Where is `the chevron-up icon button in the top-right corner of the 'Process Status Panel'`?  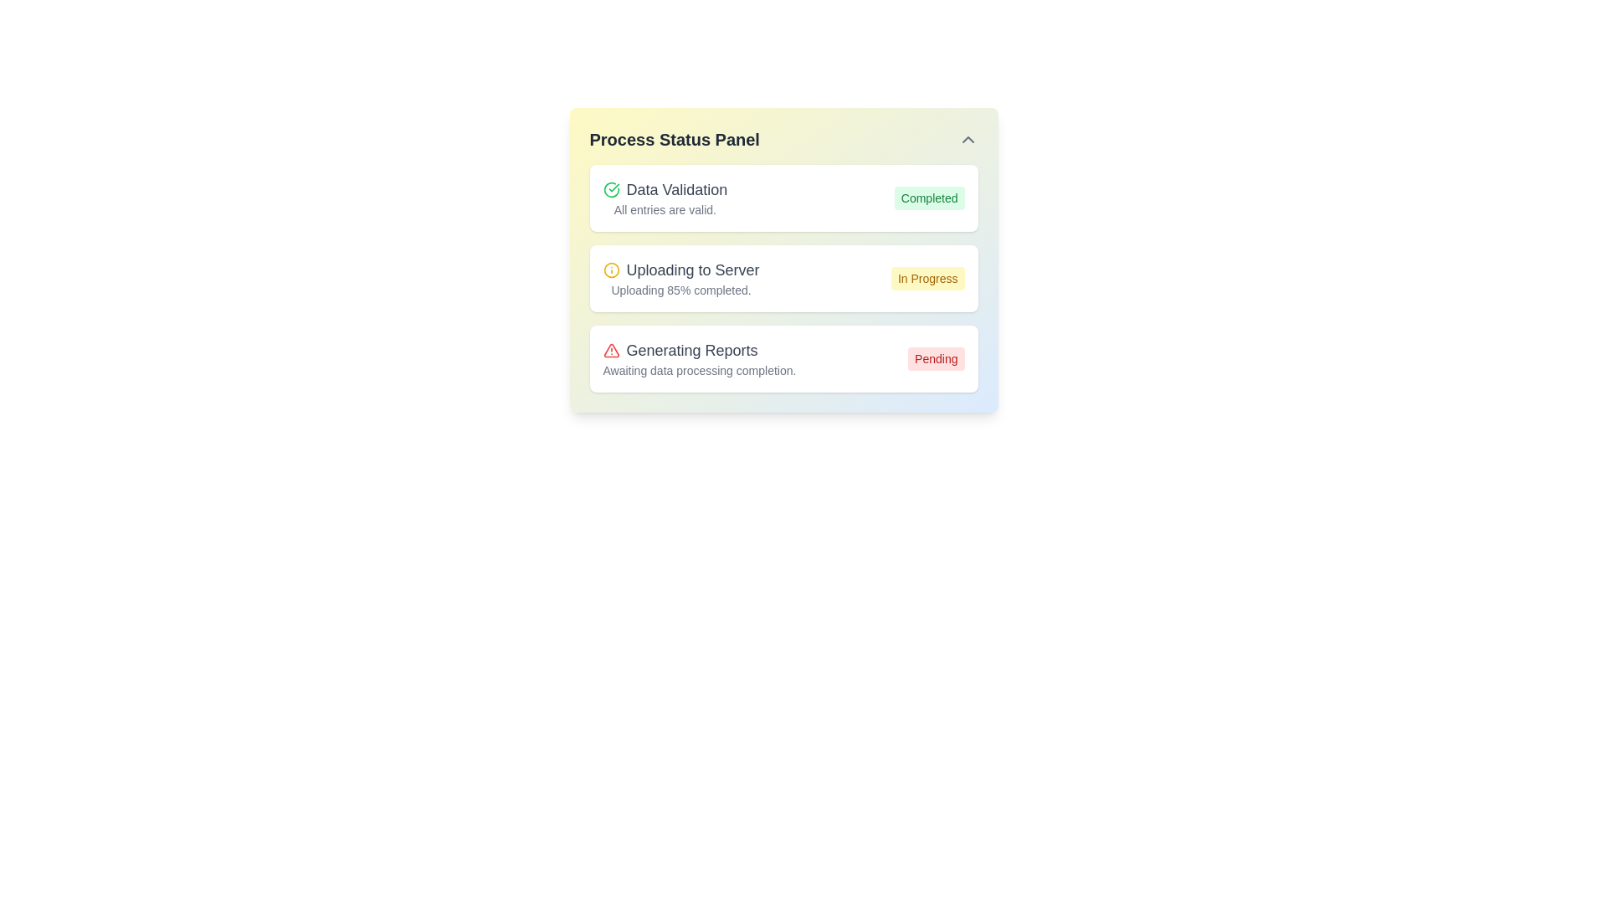
the chevron-up icon button in the top-right corner of the 'Process Status Panel' is located at coordinates (968, 138).